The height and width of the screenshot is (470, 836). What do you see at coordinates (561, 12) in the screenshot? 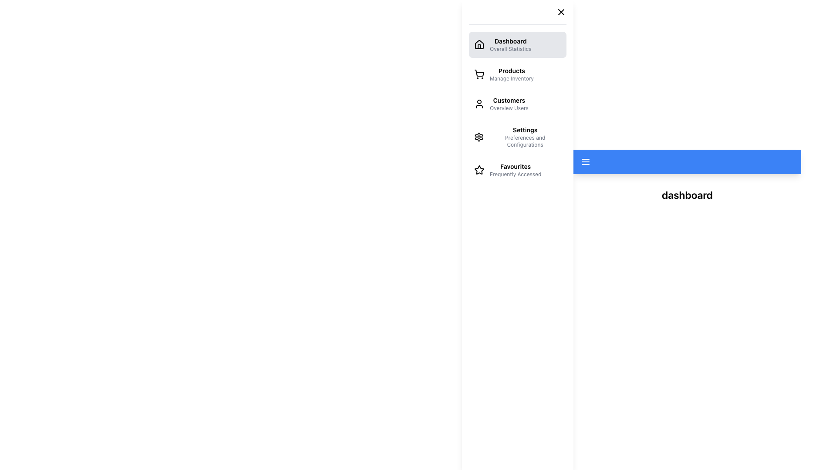
I see `the close button located in the upper right corner of the sidebar menu` at bounding box center [561, 12].